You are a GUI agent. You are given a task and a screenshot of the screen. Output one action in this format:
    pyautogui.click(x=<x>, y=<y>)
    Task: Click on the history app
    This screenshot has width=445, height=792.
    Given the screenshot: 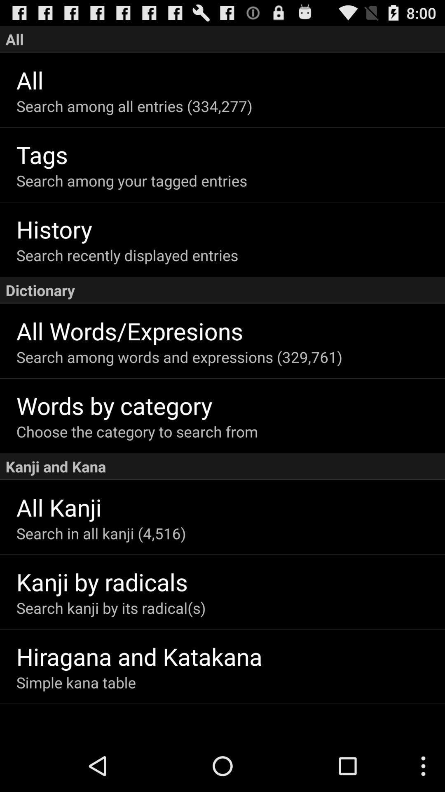 What is the action you would take?
    pyautogui.click(x=230, y=229)
    